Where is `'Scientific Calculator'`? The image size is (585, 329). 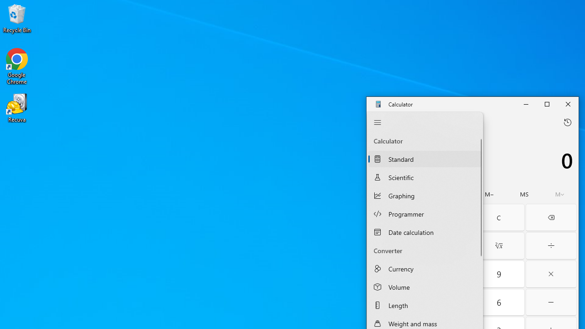
'Scientific Calculator' is located at coordinates (424, 177).